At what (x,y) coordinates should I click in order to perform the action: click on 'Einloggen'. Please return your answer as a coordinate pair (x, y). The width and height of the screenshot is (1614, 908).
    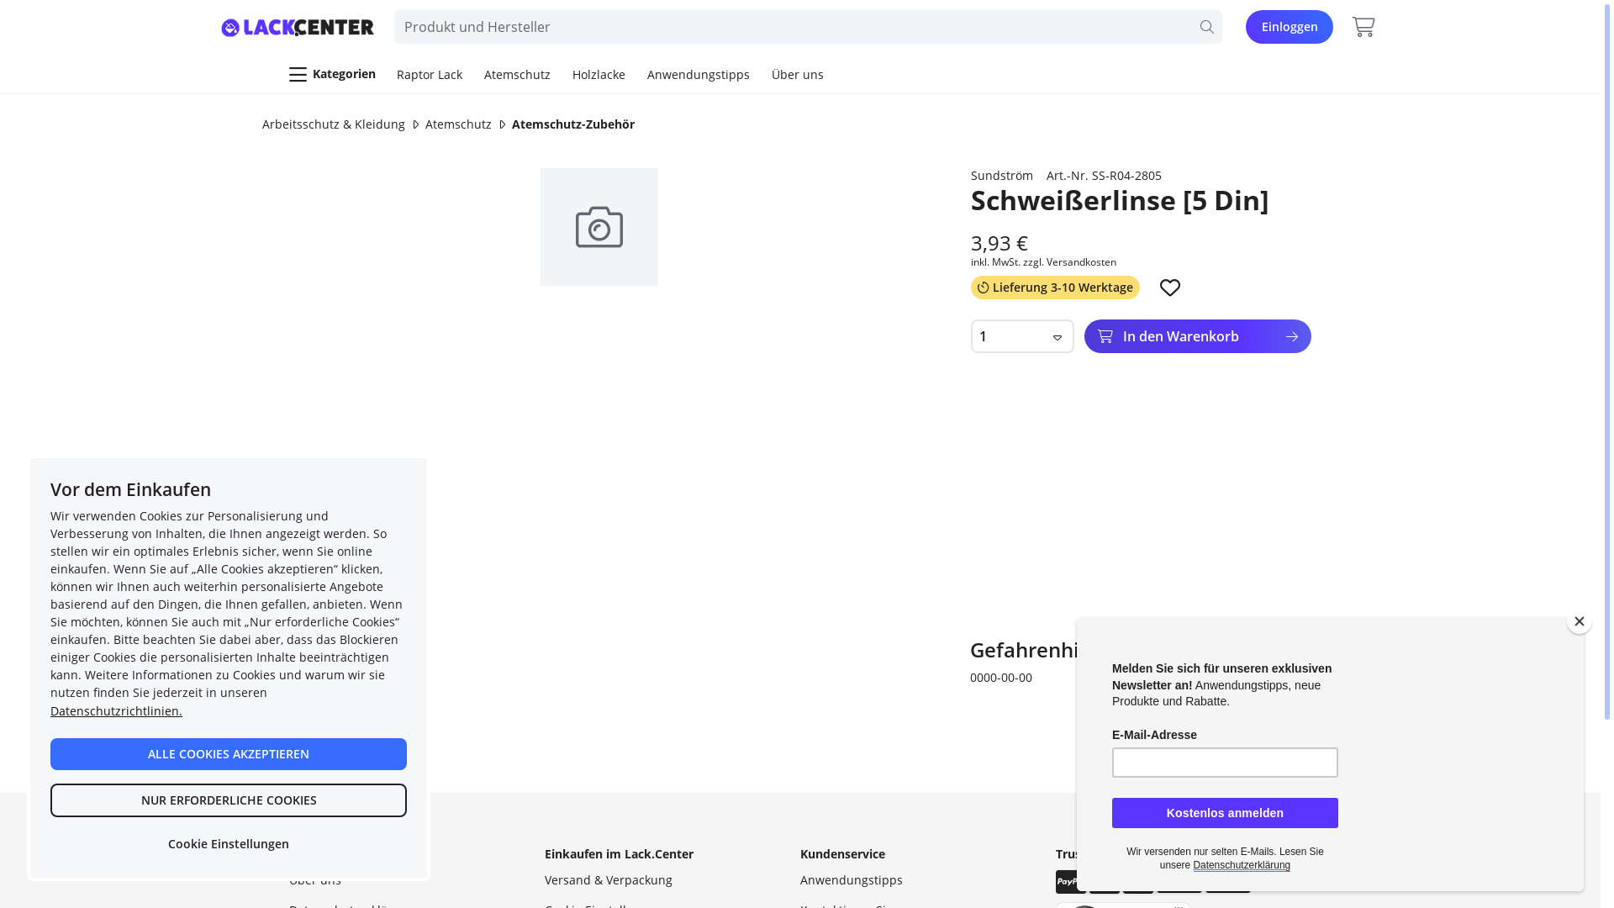
    Looking at the image, I should click on (1289, 26).